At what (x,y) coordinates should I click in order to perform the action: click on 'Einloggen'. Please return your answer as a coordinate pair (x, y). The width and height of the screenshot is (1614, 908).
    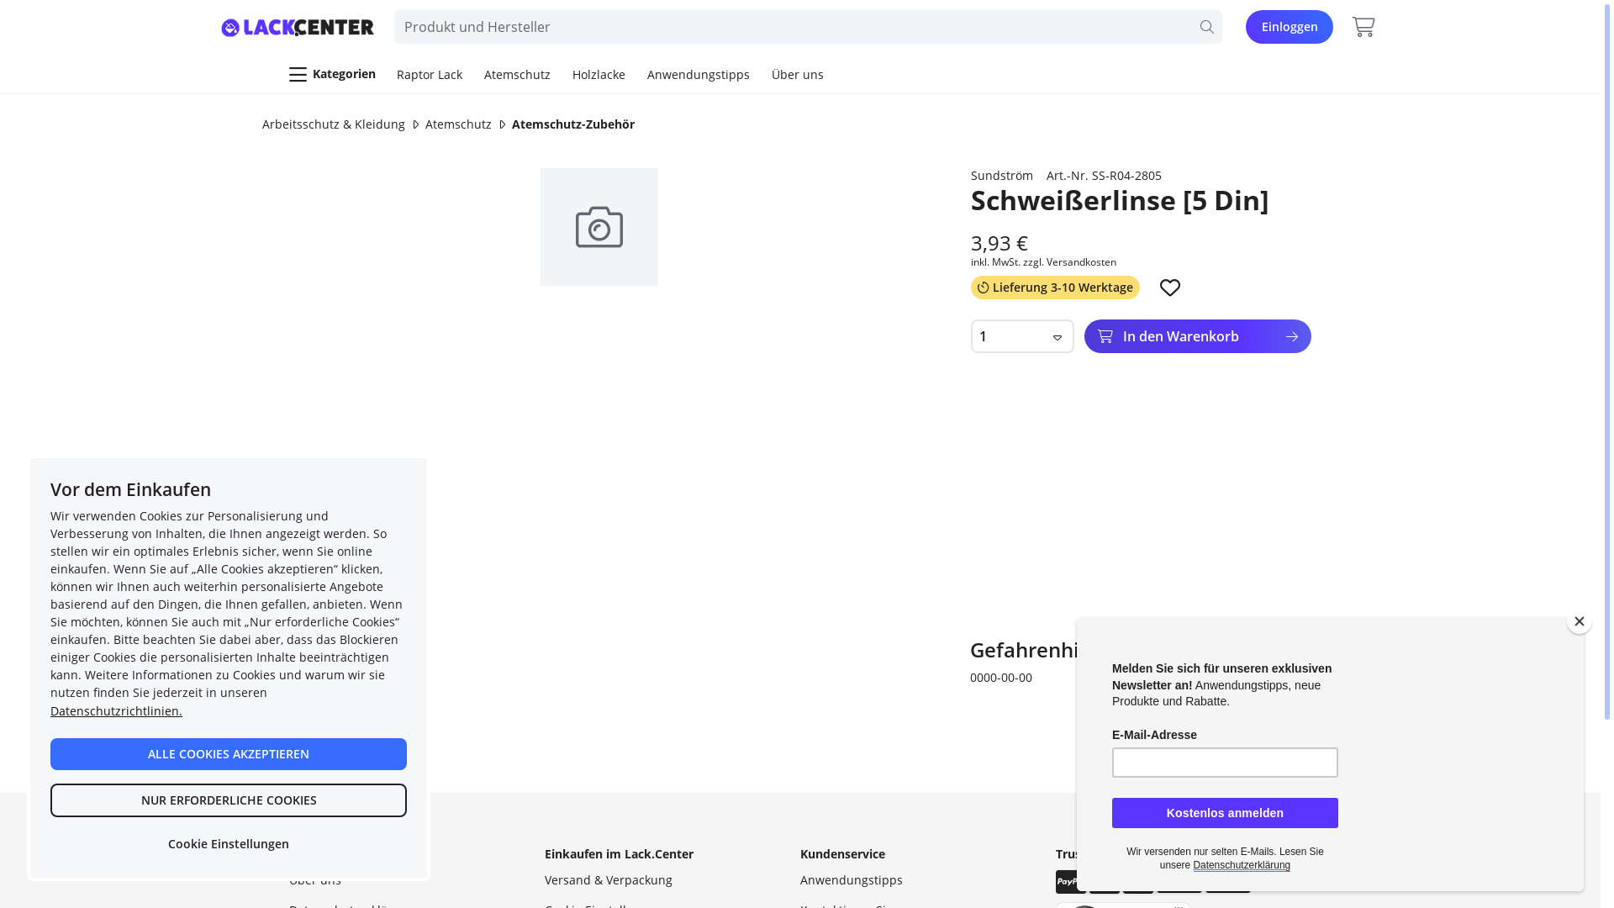
    Looking at the image, I should click on (1289, 26).